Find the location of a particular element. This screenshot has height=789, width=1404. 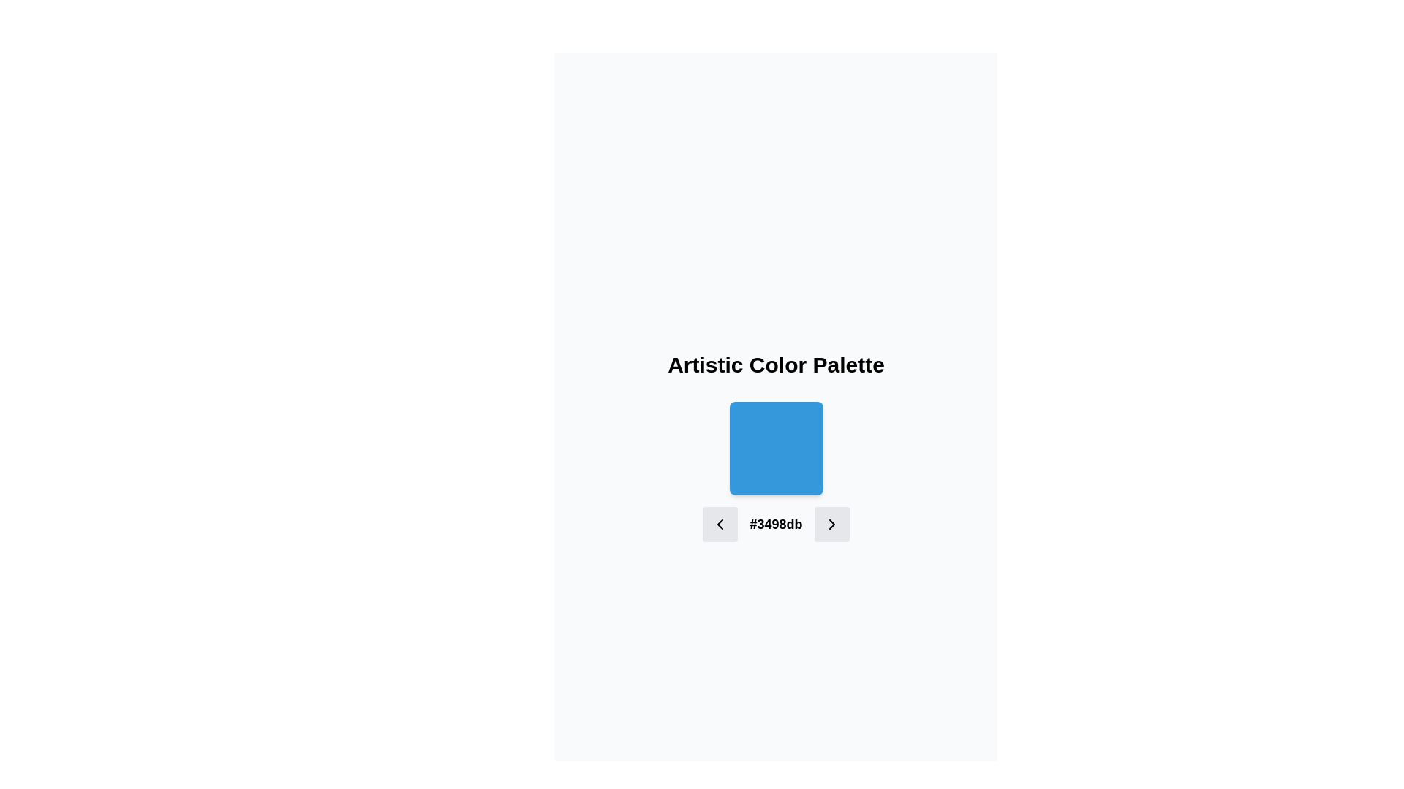

the first square button with a light gray background and a black left-facing chevron icon, located beneath the 'Artistic Color Palette' title text is located at coordinates (720, 523).